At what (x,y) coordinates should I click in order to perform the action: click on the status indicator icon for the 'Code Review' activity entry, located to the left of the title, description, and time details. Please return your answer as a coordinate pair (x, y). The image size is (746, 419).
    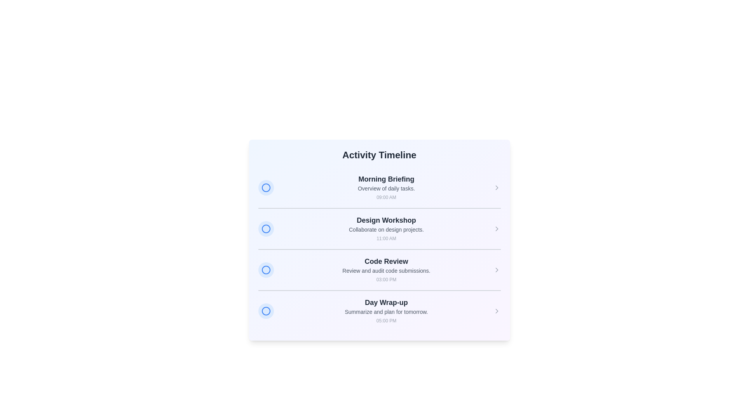
    Looking at the image, I should click on (266, 269).